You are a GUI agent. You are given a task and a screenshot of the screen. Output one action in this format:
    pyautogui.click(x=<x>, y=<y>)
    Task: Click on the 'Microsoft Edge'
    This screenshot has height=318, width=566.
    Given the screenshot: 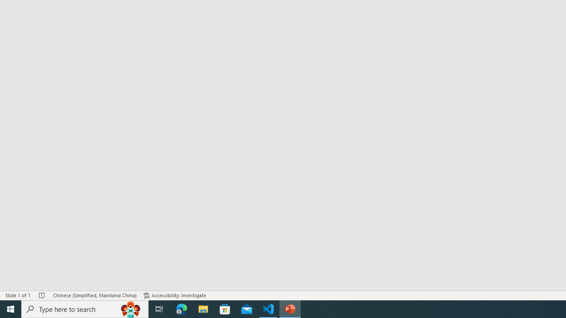 What is the action you would take?
    pyautogui.click(x=181, y=308)
    